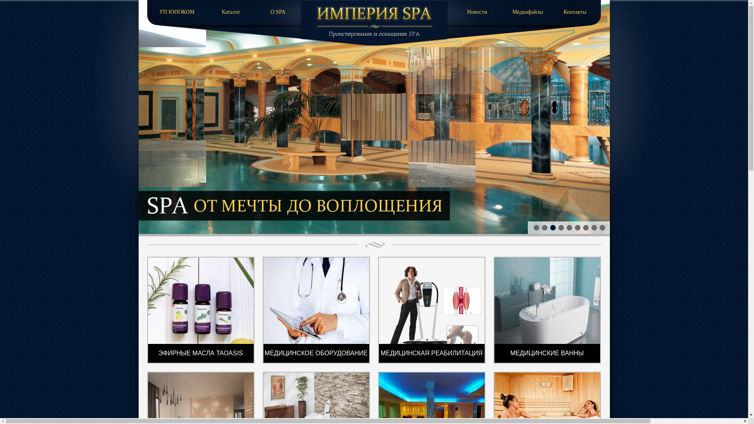 The height and width of the screenshot is (424, 754). I want to click on '7', so click(586, 227).